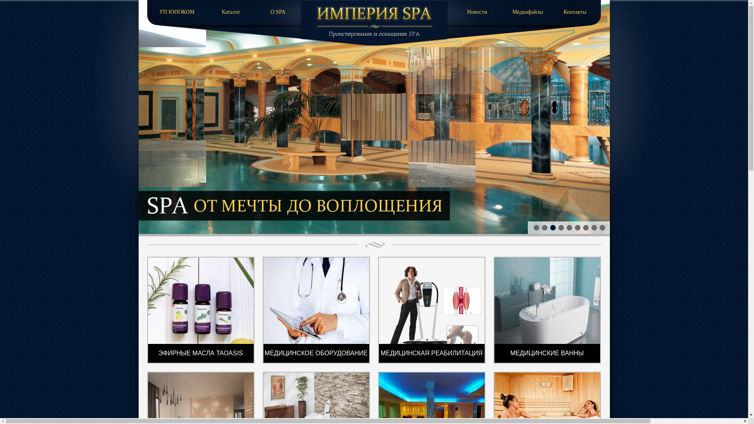 The height and width of the screenshot is (424, 754). I want to click on '7', so click(586, 227).